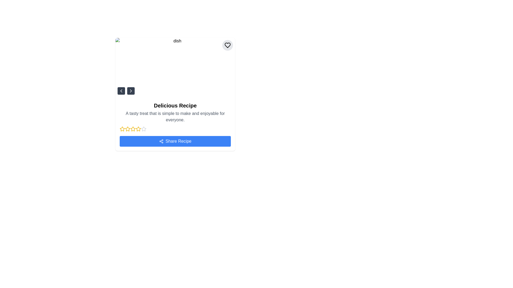 The image size is (513, 288). I want to click on the fifth star icon in the rating system, so click(143, 129).